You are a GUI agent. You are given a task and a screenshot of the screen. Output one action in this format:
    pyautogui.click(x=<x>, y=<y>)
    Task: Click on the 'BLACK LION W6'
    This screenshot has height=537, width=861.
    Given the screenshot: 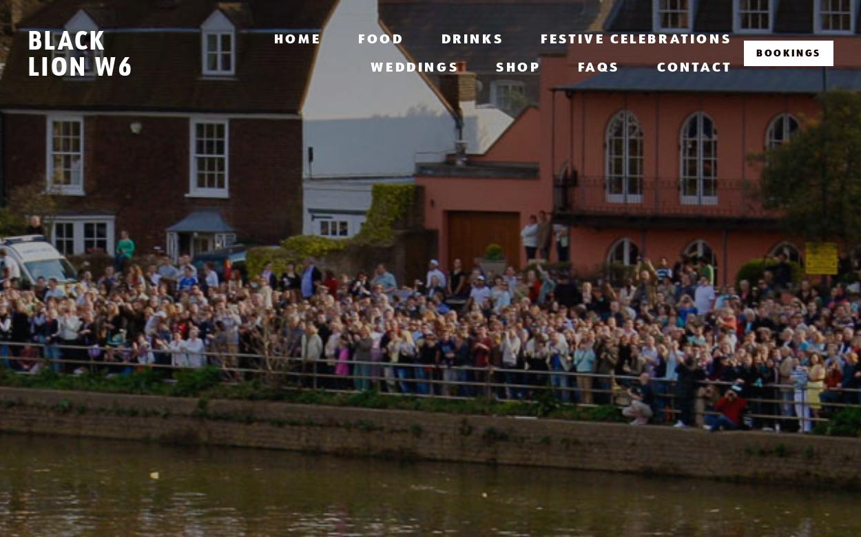 What is the action you would take?
    pyautogui.click(x=79, y=52)
    